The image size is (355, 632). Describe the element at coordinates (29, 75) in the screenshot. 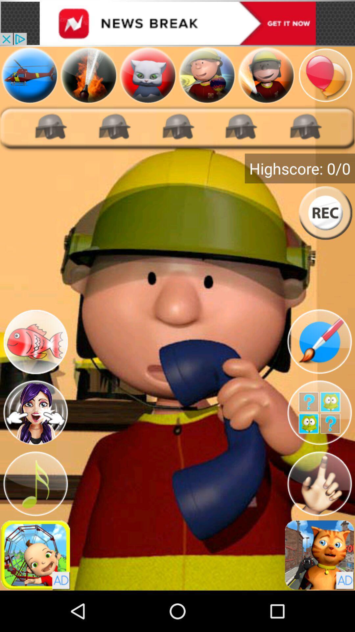

I see `item` at that location.